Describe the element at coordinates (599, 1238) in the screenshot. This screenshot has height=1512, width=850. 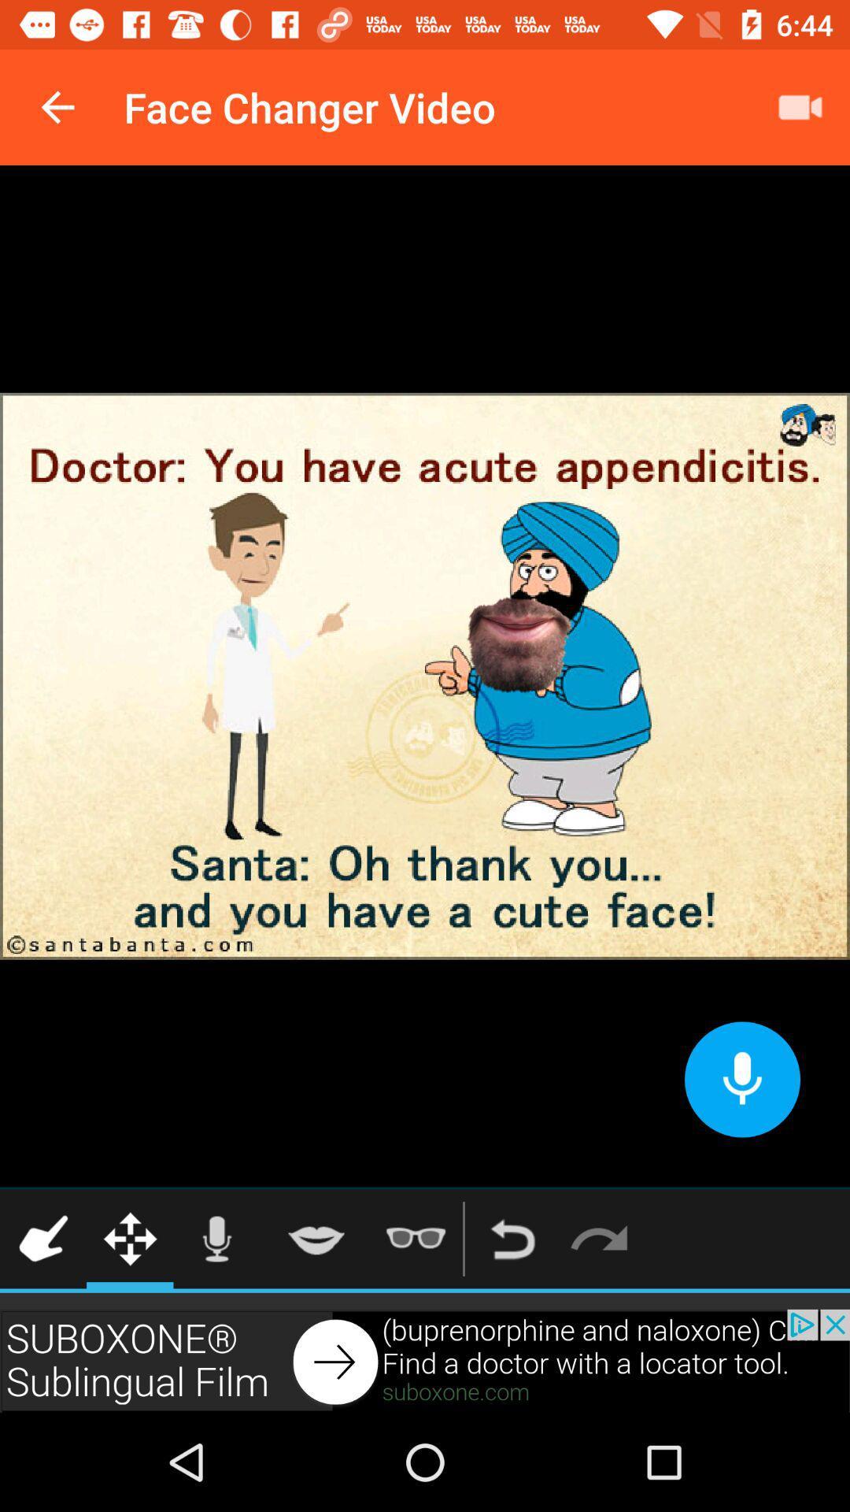
I see `the redo icon` at that location.